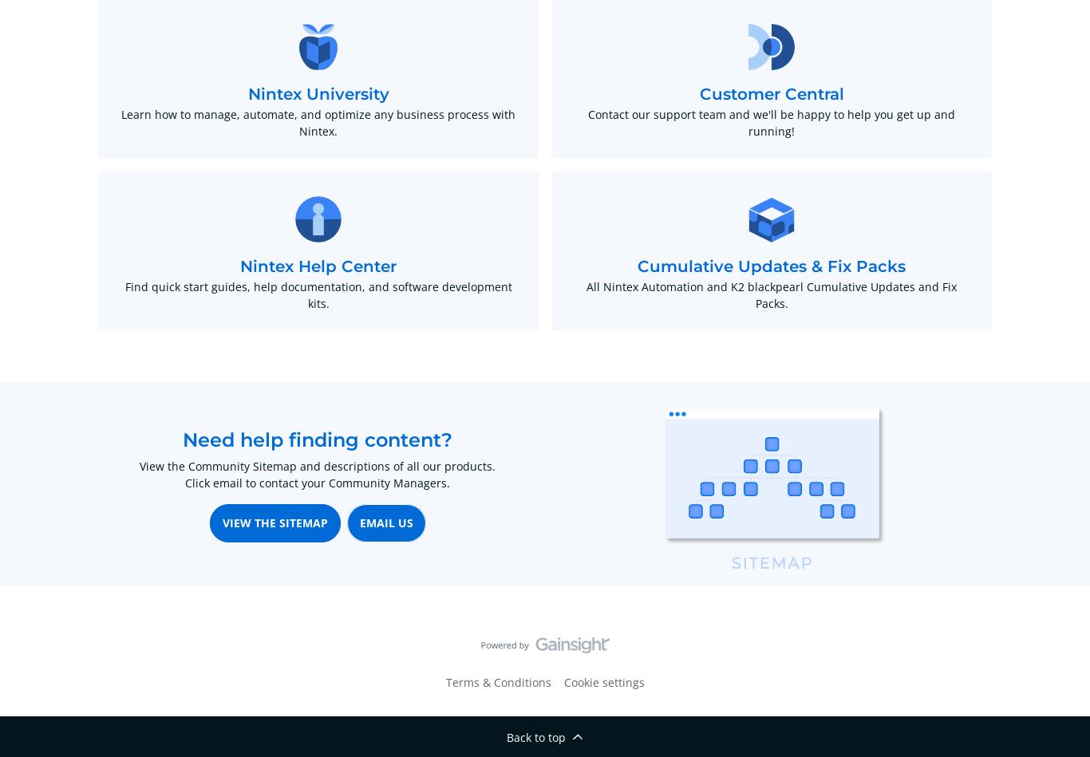  What do you see at coordinates (318, 123) in the screenshot?
I see `'Learn how to manage, automate, and optimize any business process with Nintex.'` at bounding box center [318, 123].